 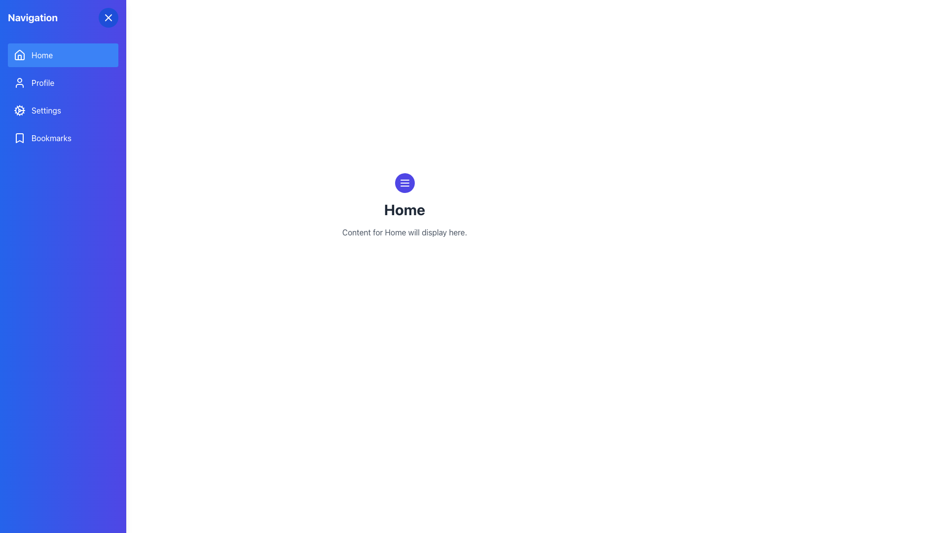 What do you see at coordinates (404, 232) in the screenshot?
I see `text displayed below the 'Home' title in the center of the main content area, which serves as a placeholder message indicating that content related to 'Home' will appear in this section` at bounding box center [404, 232].